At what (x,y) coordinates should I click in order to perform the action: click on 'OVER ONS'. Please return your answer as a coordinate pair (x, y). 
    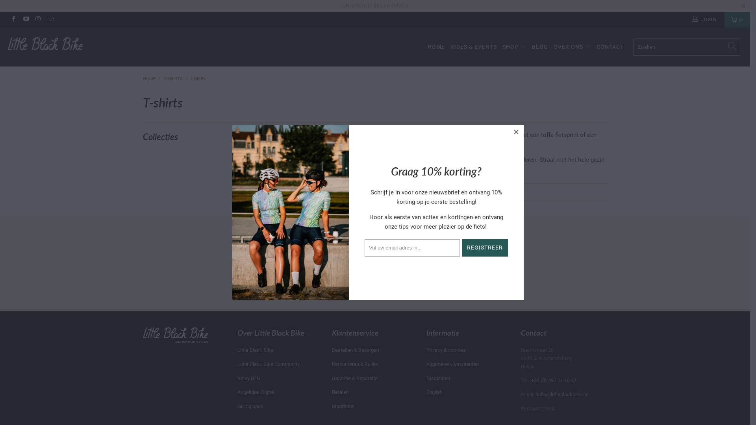
    Looking at the image, I should click on (553, 47).